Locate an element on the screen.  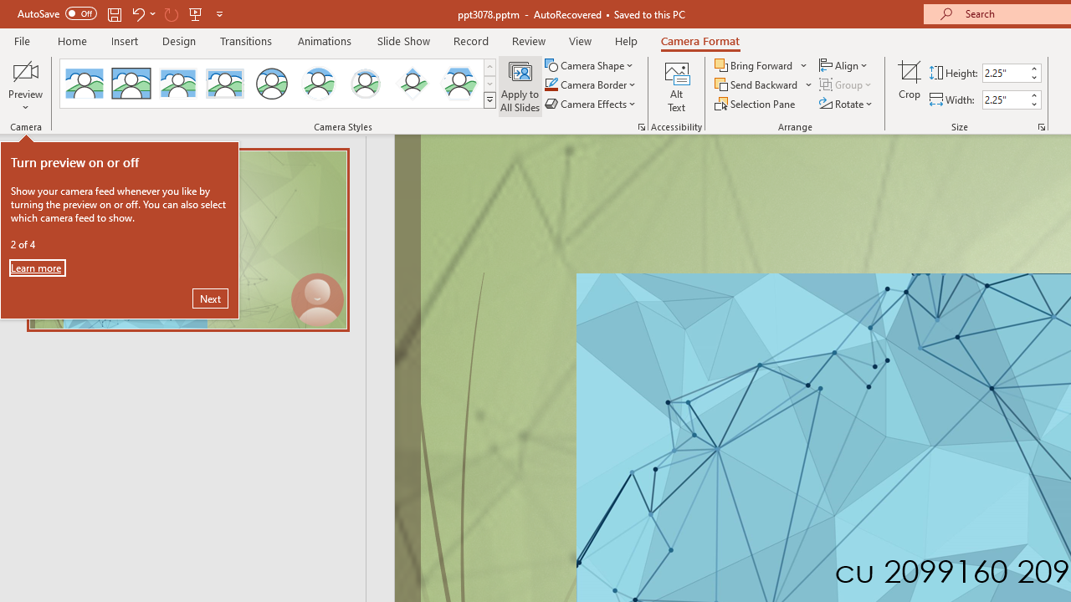
'Cameo Width' is located at coordinates (1004, 99).